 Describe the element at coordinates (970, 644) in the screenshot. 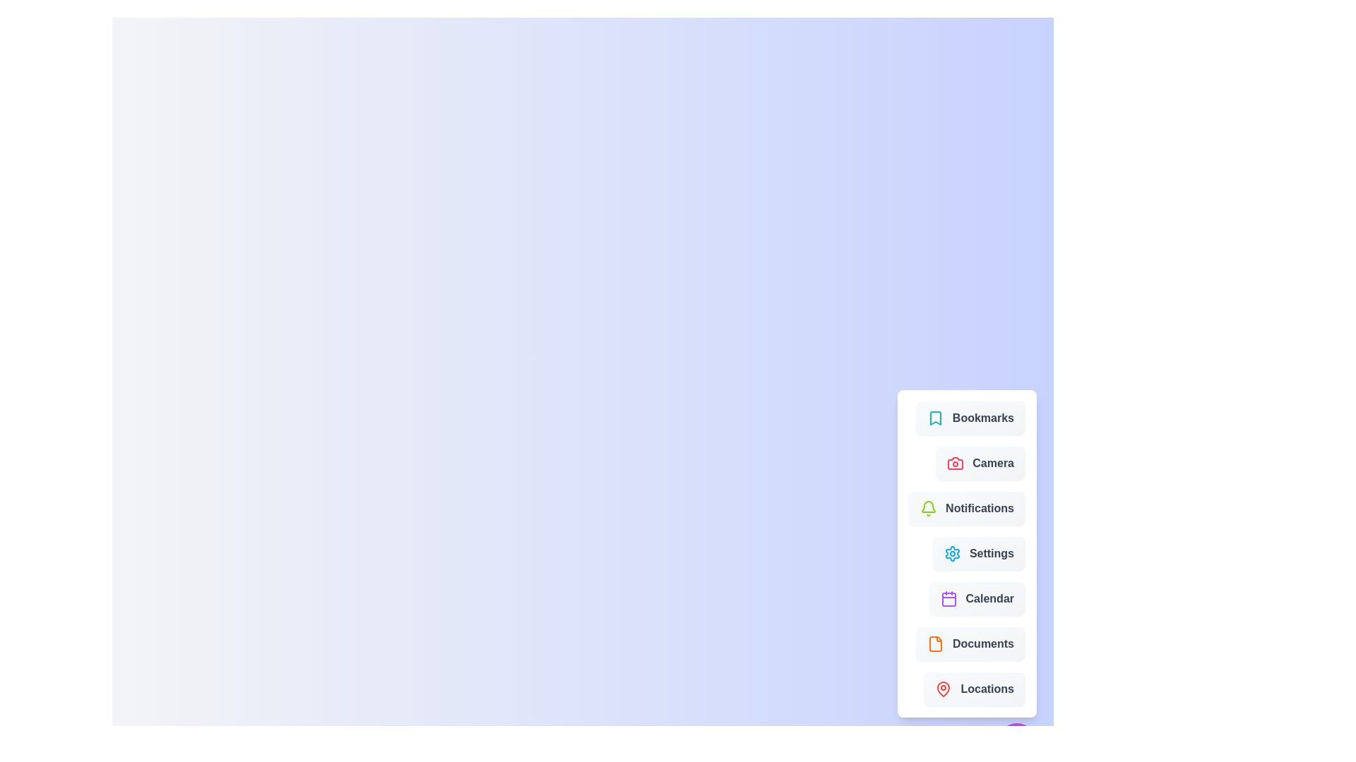

I see `the menu item corresponding to Documents to activate its action` at that location.